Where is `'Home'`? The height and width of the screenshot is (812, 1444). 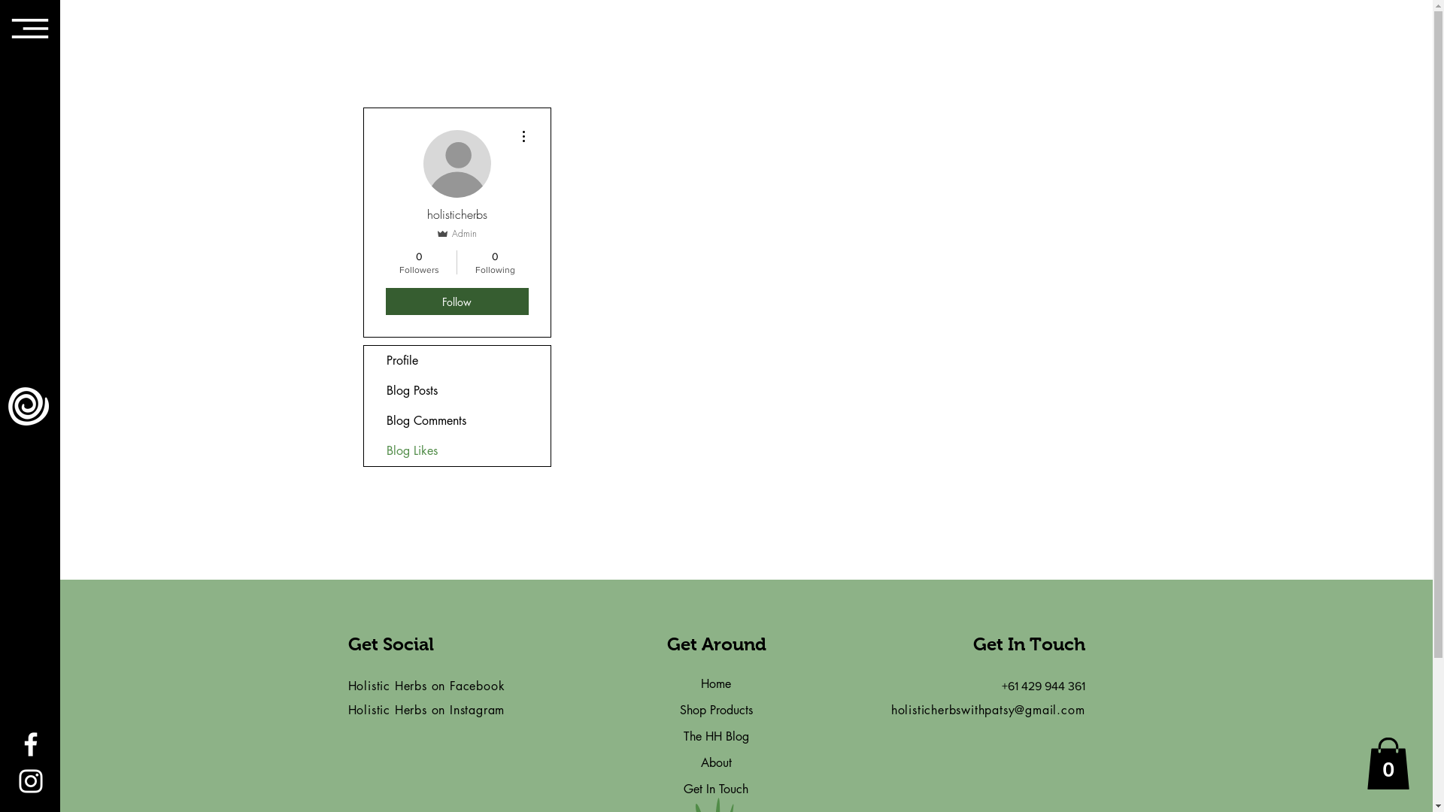 'Home' is located at coordinates (715, 683).